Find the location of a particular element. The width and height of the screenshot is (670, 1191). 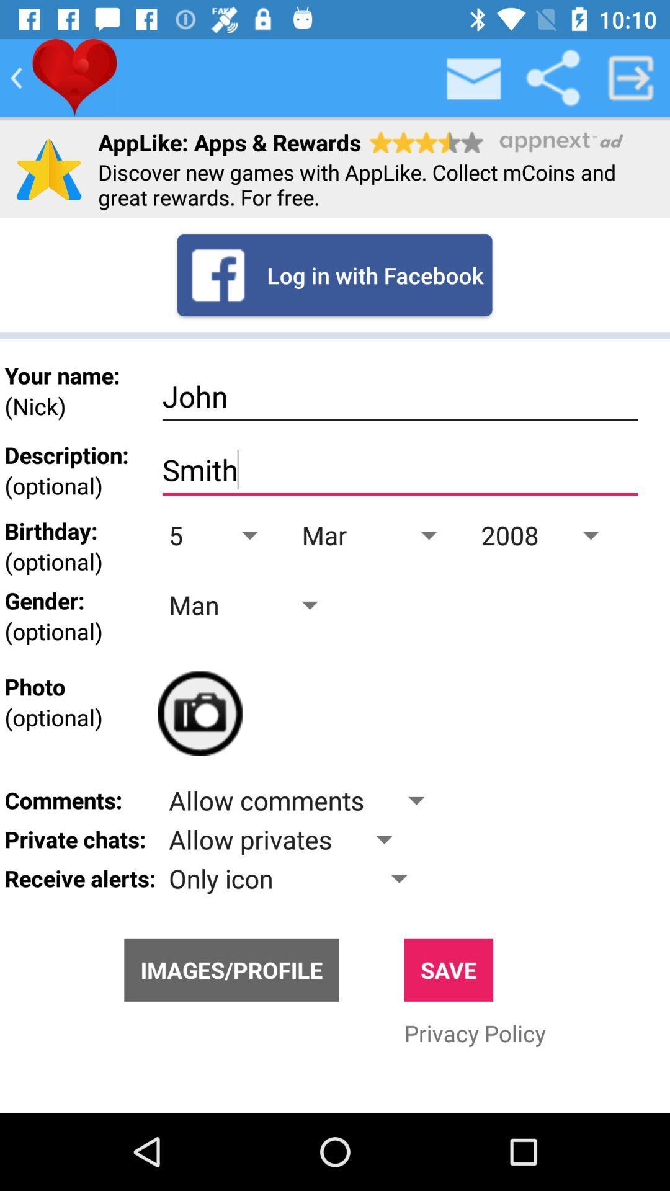

the share icon is located at coordinates (552, 77).